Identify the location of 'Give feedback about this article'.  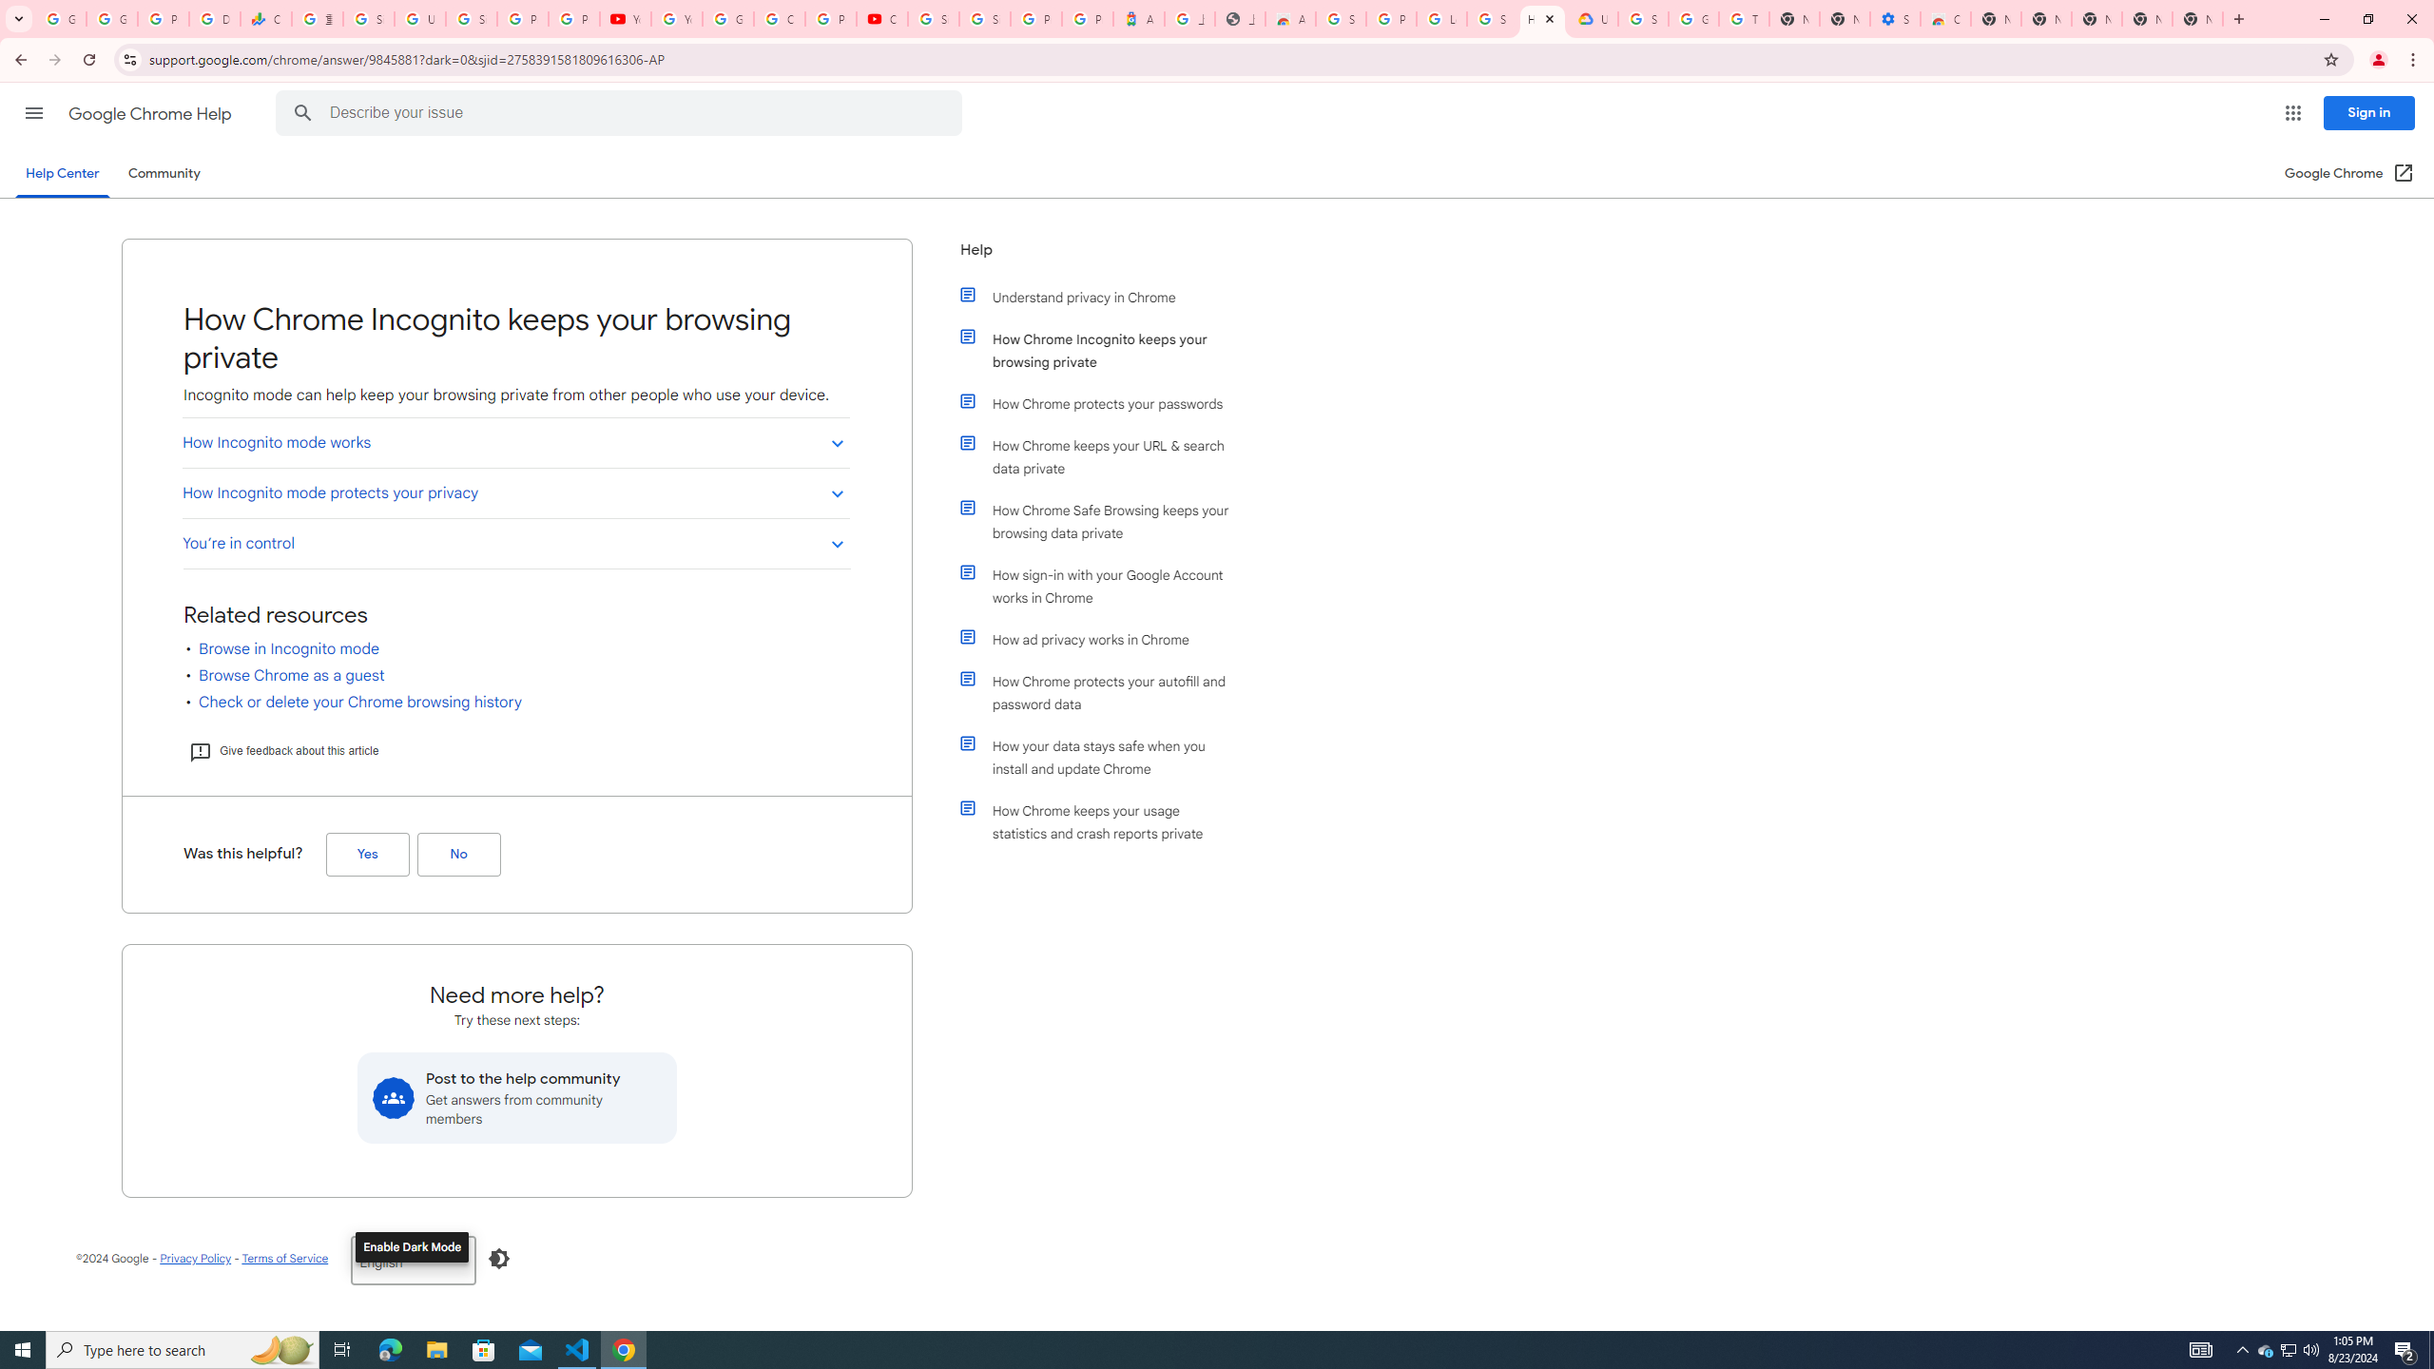
(282, 749).